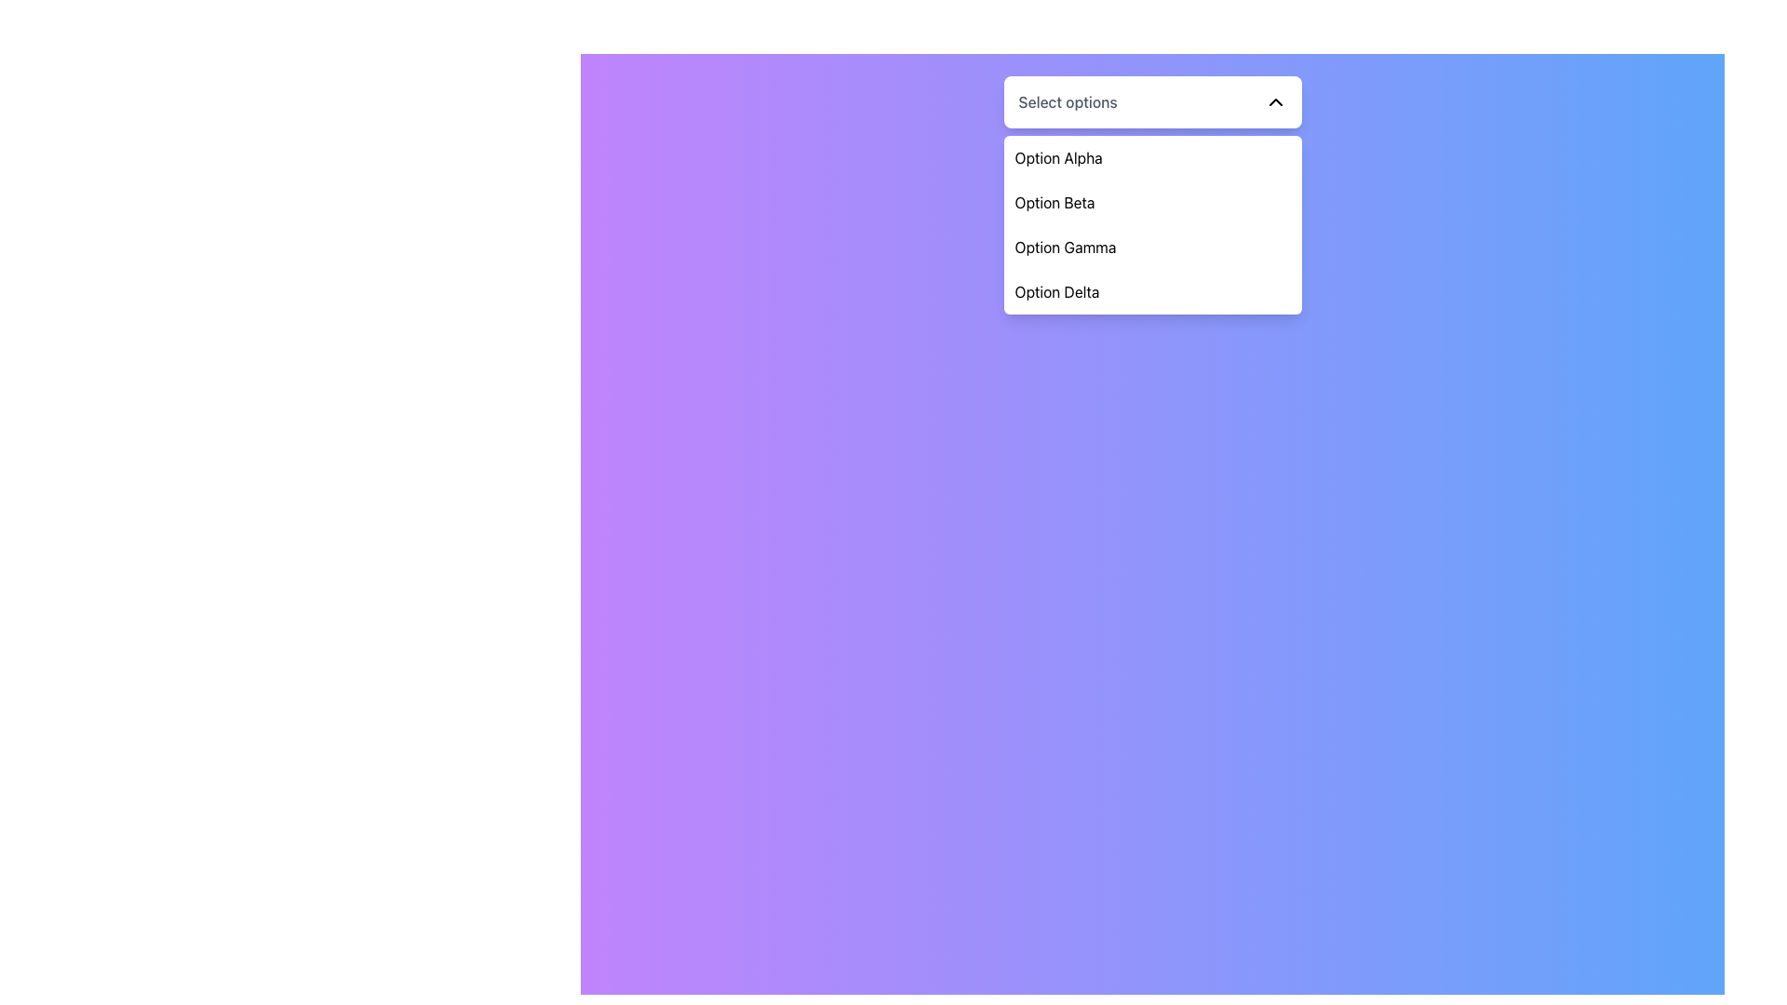  What do you see at coordinates (1058, 156) in the screenshot?
I see `the first item in the dropdown menu labeled 'Option Alpha'` at bounding box center [1058, 156].